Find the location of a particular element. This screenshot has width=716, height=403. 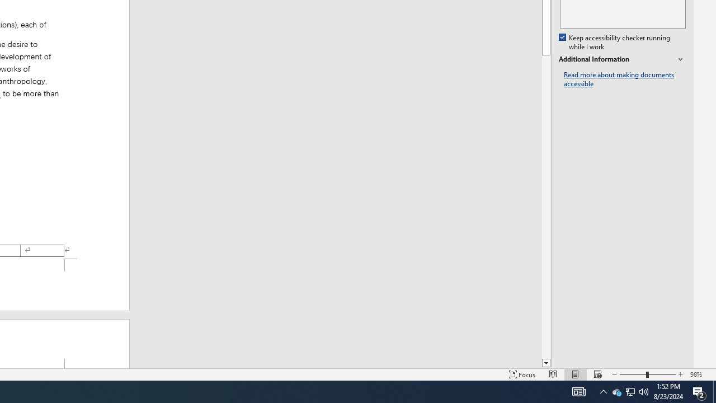

'Keep accessibility checker running while I work' is located at coordinates (615, 42).